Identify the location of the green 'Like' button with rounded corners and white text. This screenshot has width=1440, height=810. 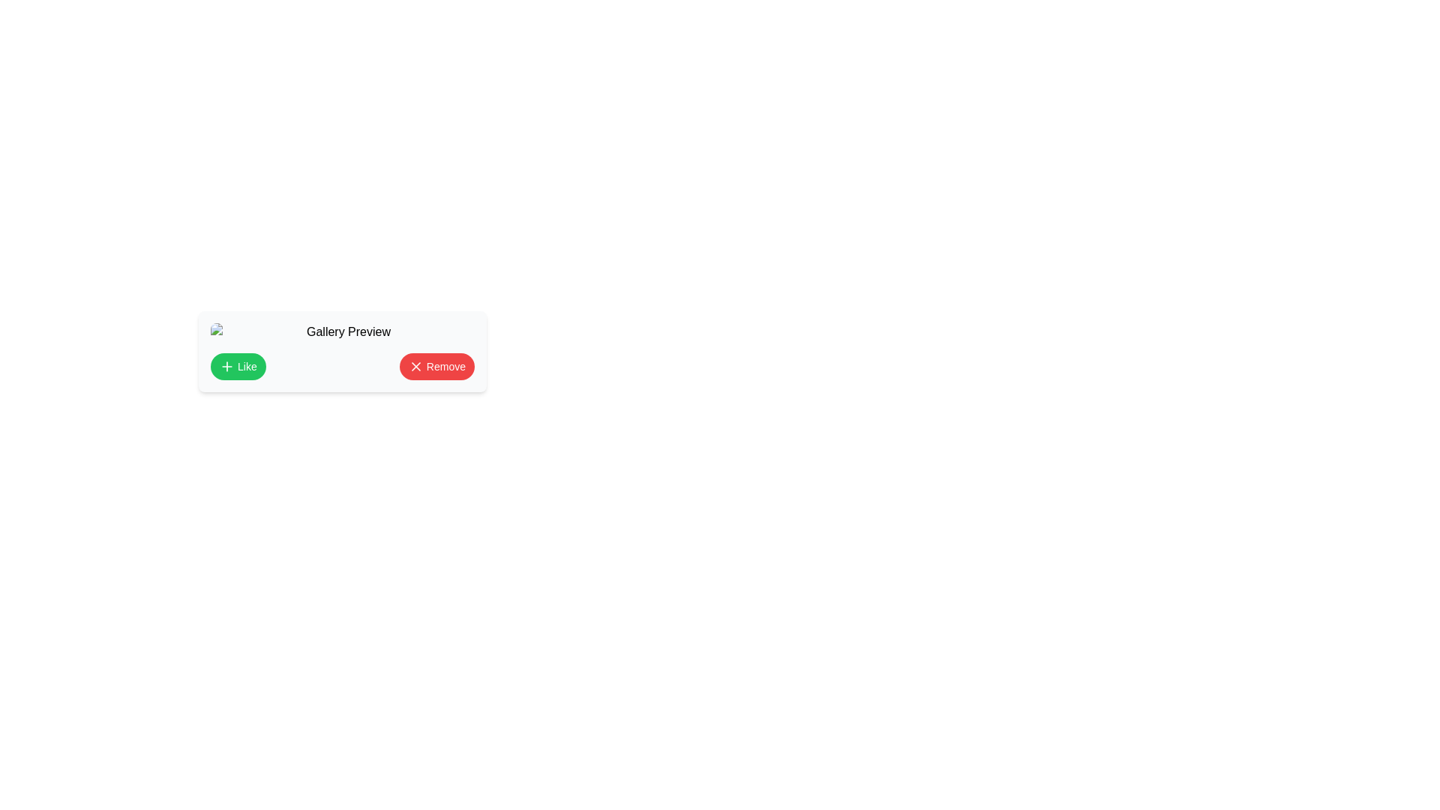
(237, 367).